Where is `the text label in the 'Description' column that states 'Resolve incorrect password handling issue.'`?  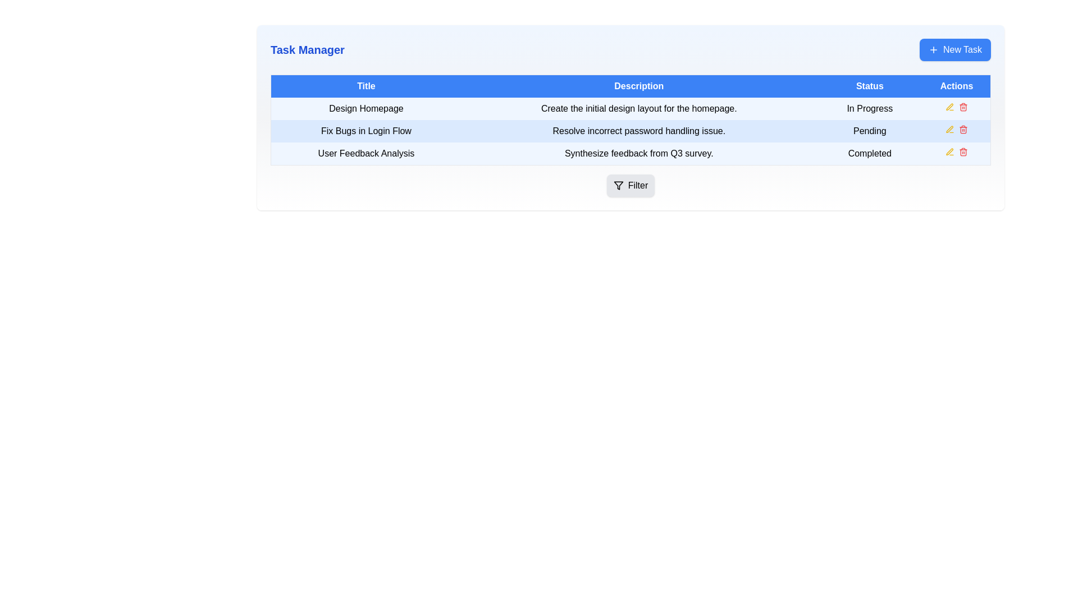 the text label in the 'Description' column that states 'Resolve incorrect password handling issue.' is located at coordinates (639, 131).